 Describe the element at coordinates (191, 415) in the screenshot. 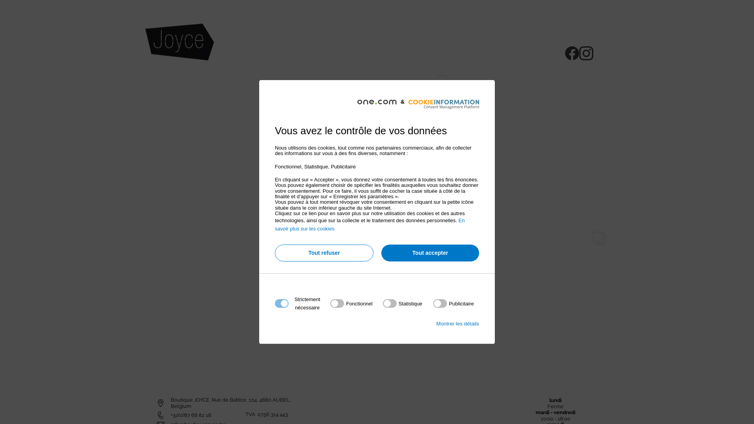

I see `'+32(0)87 68 82 18'` at that location.